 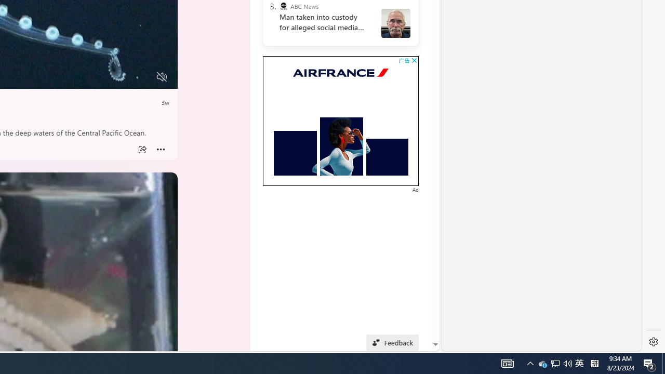 I want to click on 'ABC News', so click(x=283, y=6).